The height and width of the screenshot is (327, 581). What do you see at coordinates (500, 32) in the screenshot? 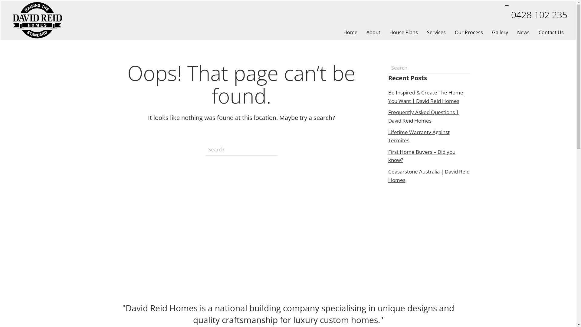
I see `'Gallery'` at bounding box center [500, 32].